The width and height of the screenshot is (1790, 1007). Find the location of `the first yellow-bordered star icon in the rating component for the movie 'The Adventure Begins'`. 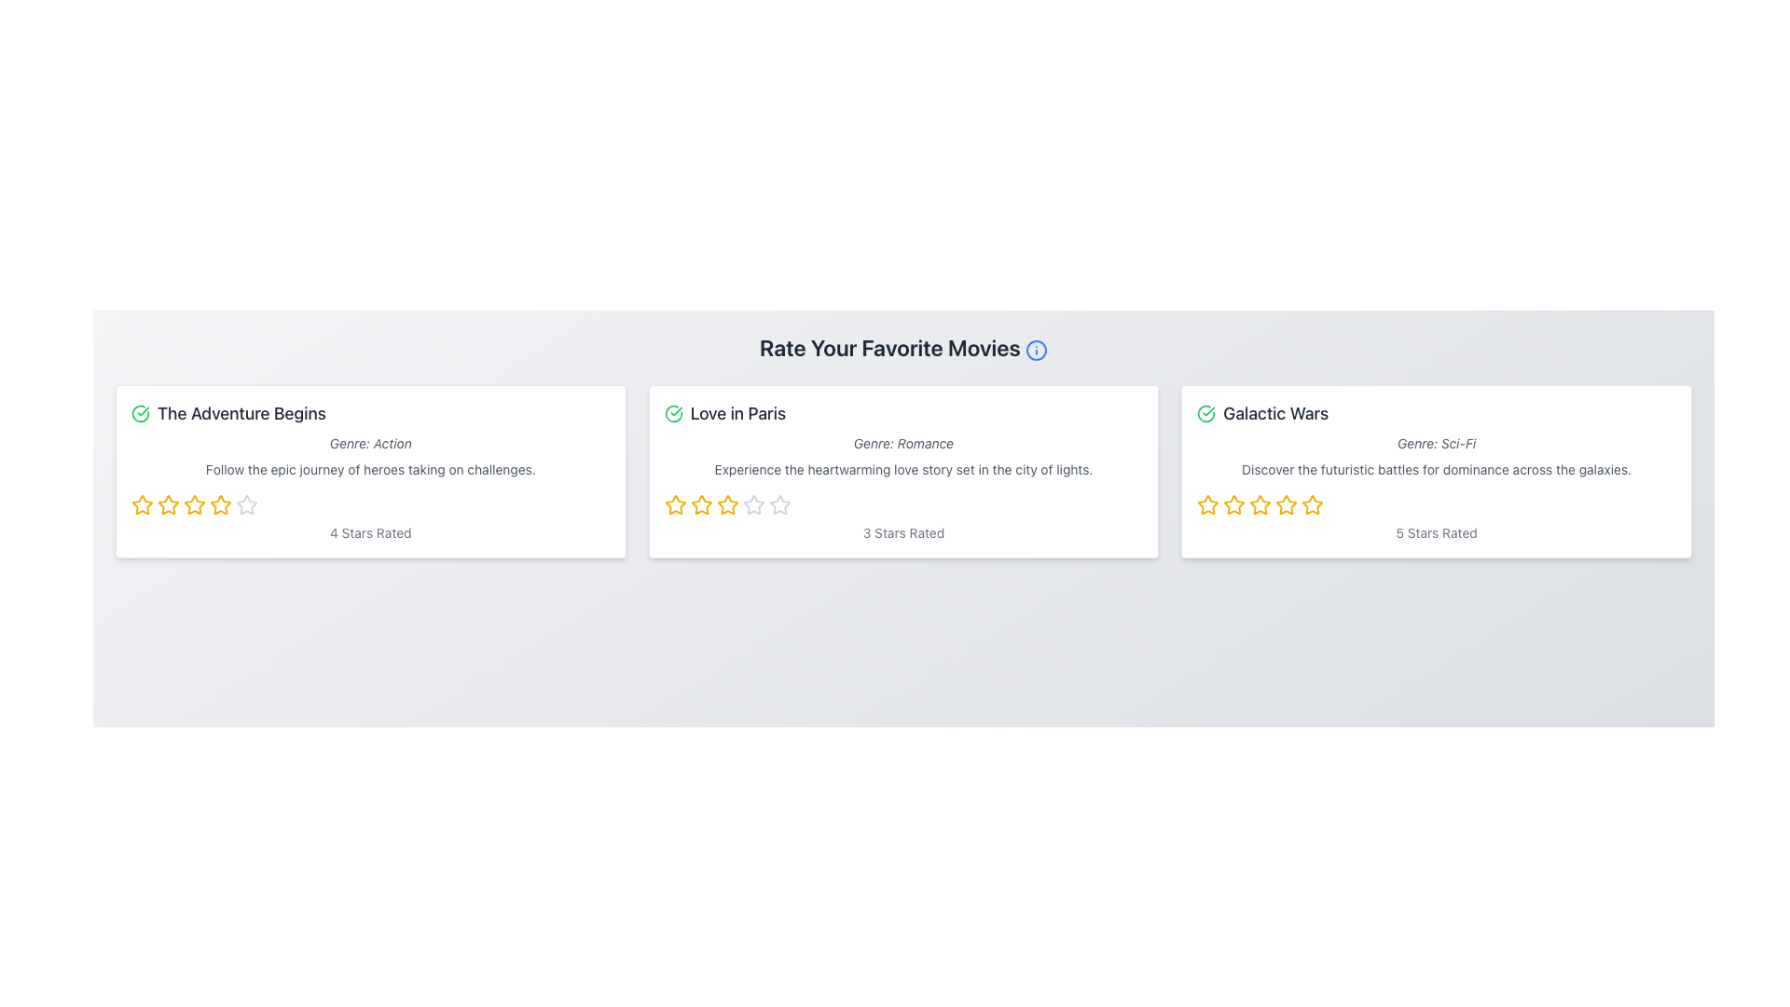

the first yellow-bordered star icon in the rating component for the movie 'The Adventure Begins' is located at coordinates (142, 505).